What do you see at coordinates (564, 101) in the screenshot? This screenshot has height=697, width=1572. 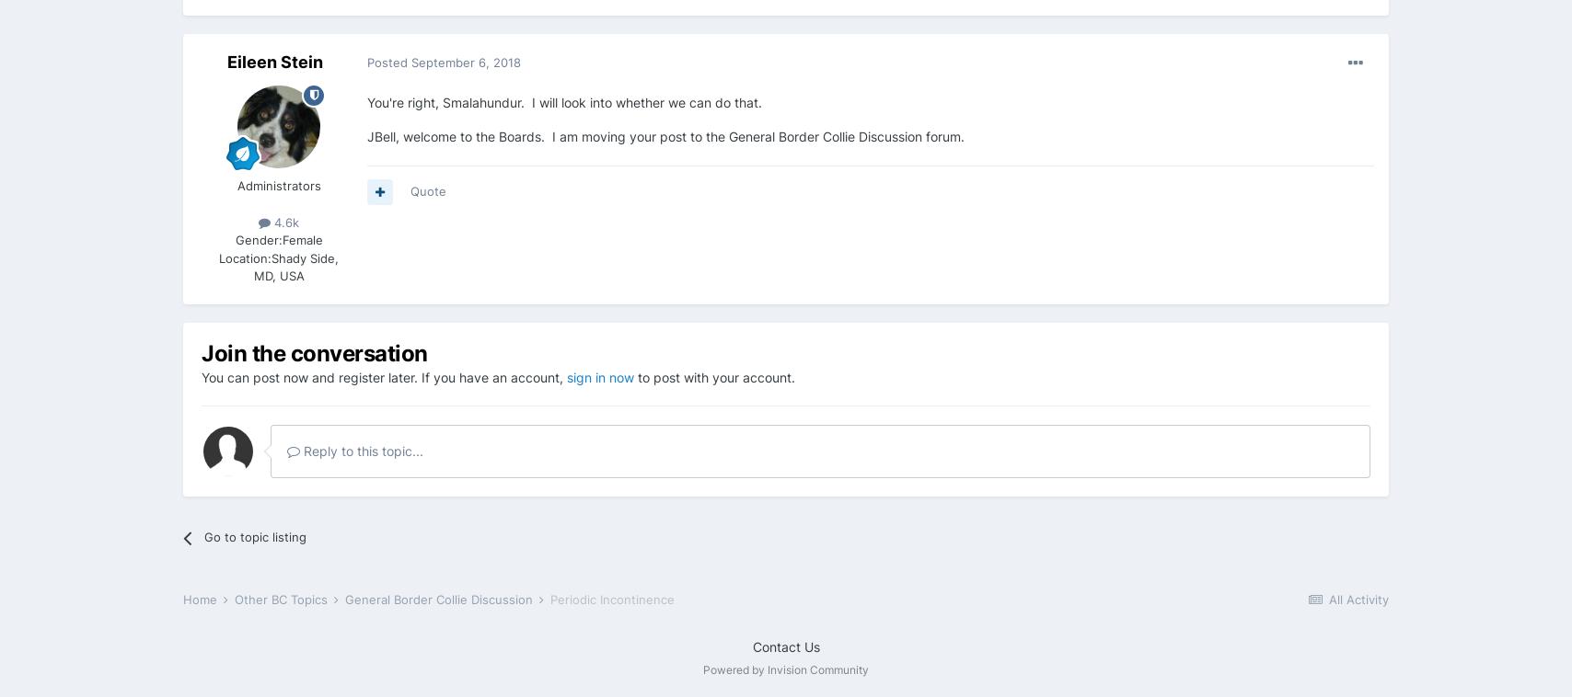 I see `'You're right, Smalahundur.  I will look into whether we can do that.'` at bounding box center [564, 101].